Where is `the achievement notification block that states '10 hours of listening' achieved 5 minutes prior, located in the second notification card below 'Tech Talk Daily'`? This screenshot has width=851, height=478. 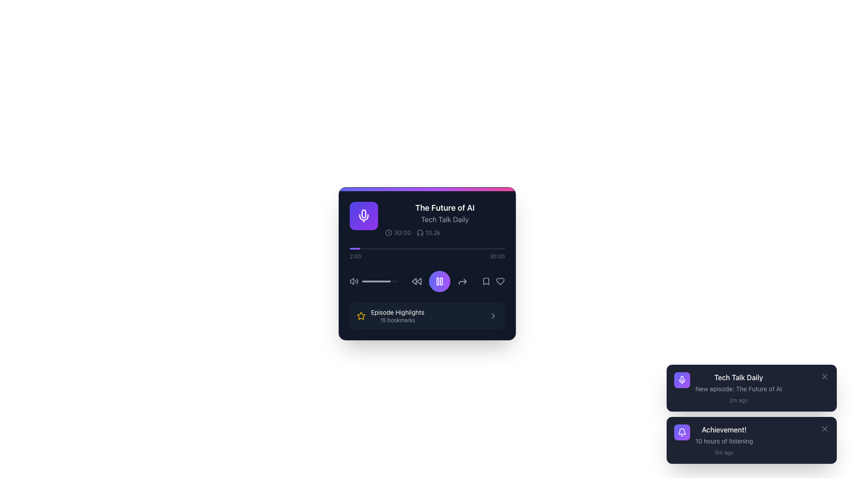
the achievement notification block that states '10 hours of listening' achieved 5 minutes prior, located in the second notification card below 'Tech Talk Daily' is located at coordinates (724, 440).